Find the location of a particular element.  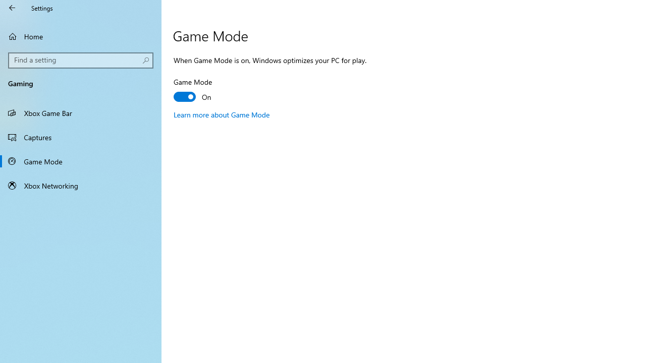

'Home' is located at coordinates (81, 36).